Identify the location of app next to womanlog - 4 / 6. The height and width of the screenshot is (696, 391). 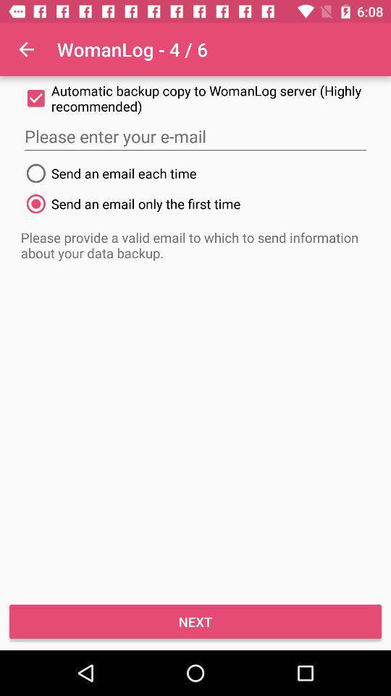
(26, 49).